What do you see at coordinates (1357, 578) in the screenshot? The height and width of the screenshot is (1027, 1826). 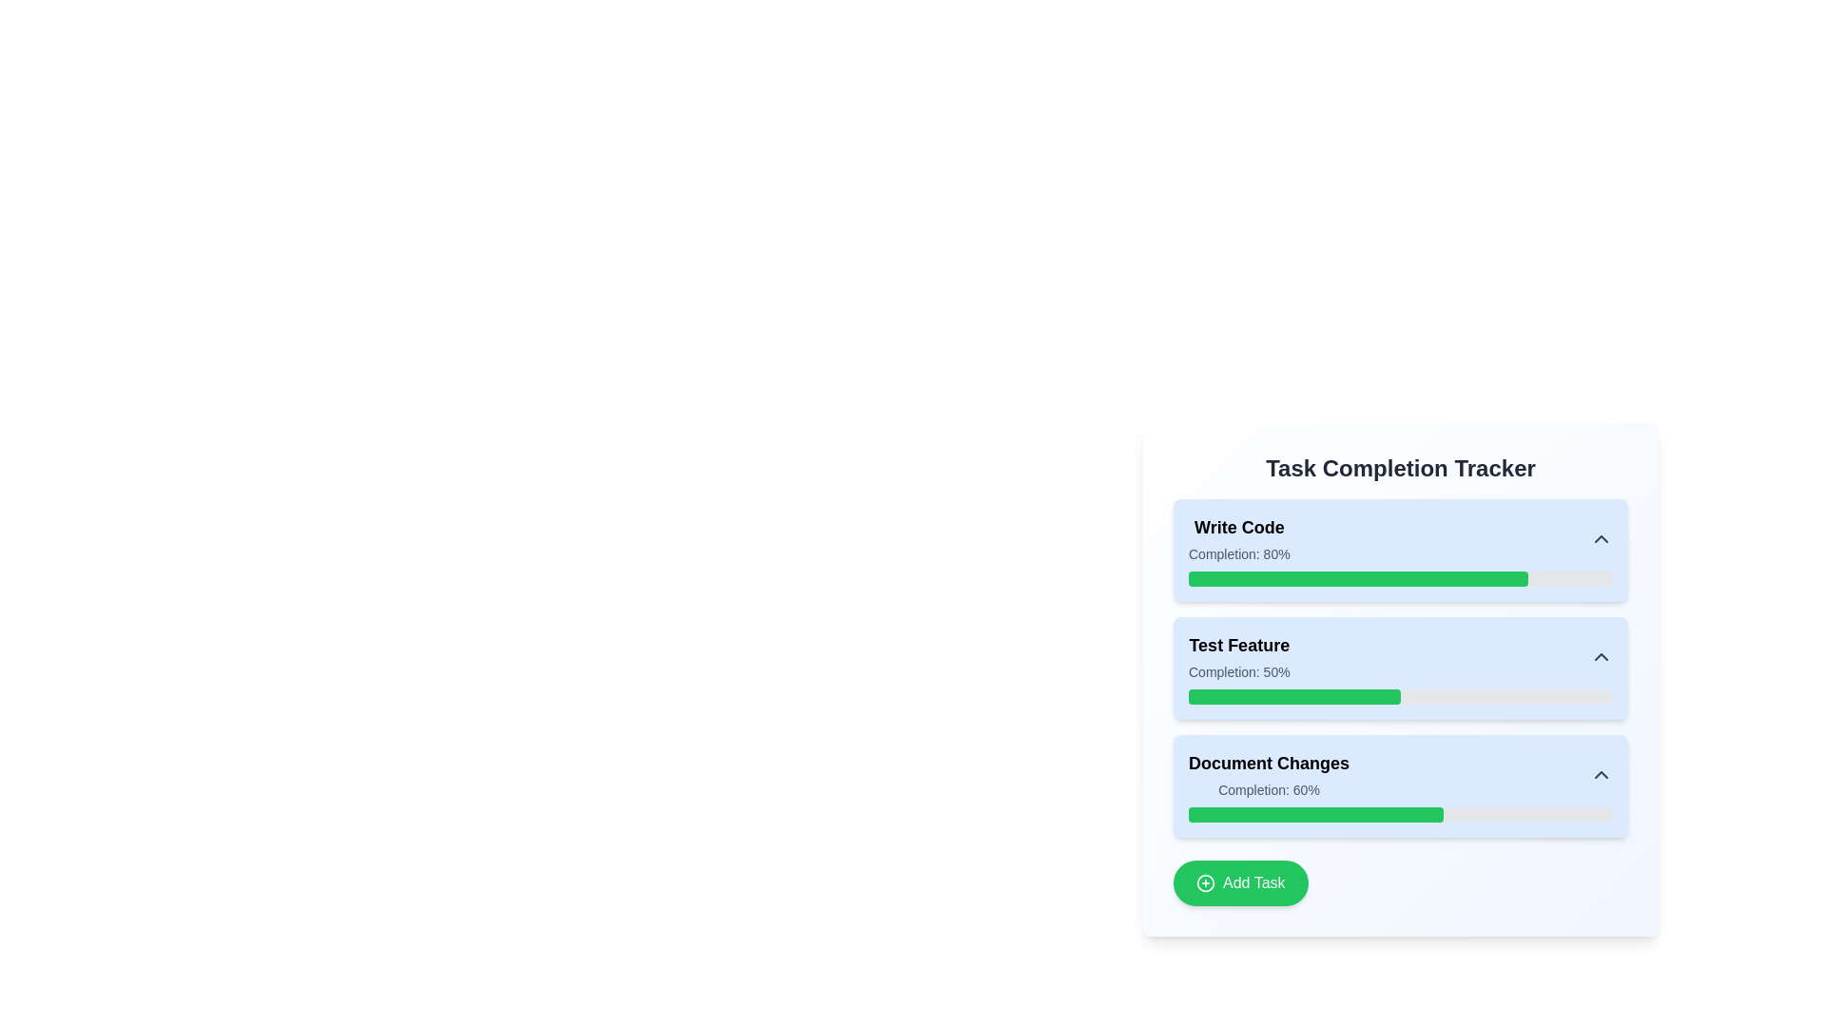 I see `the progress bar indicating 80% completion for the 'Write Code' task, located in the 'Task Completion Tracker' list` at bounding box center [1357, 578].